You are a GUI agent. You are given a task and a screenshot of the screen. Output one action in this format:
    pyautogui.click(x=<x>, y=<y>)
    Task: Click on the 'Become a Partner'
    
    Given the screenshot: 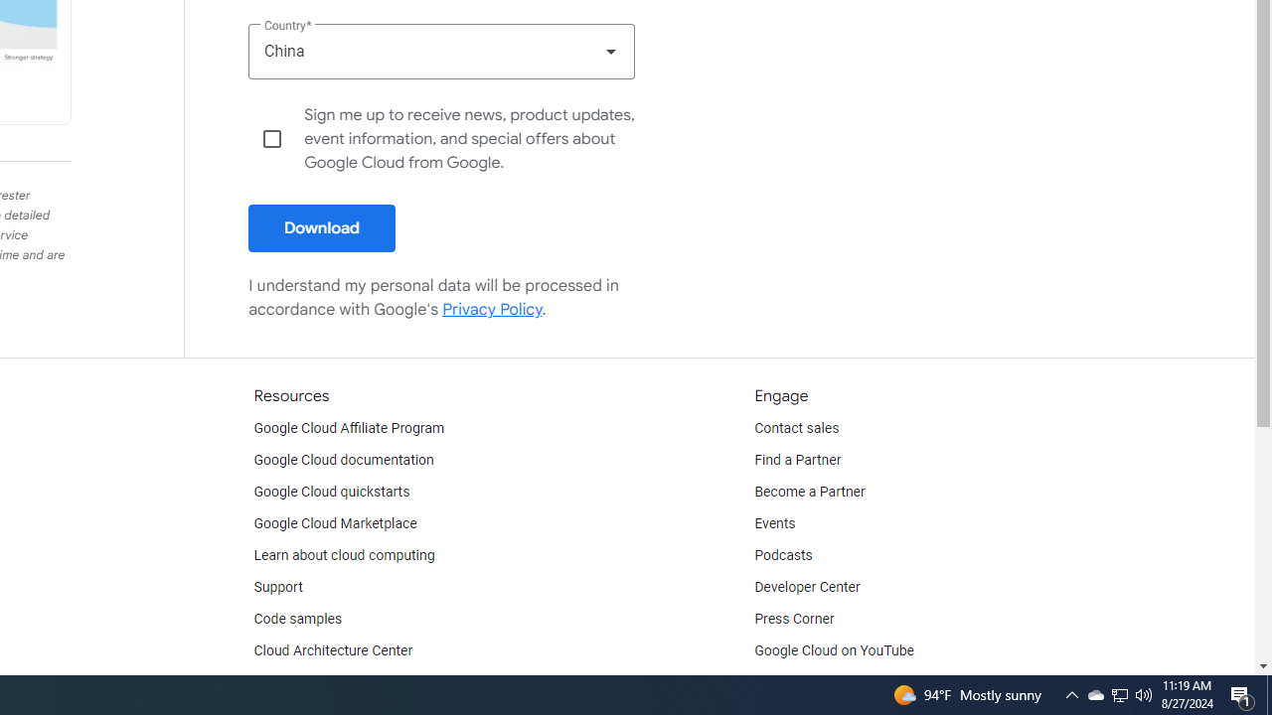 What is the action you would take?
    pyautogui.click(x=809, y=492)
    